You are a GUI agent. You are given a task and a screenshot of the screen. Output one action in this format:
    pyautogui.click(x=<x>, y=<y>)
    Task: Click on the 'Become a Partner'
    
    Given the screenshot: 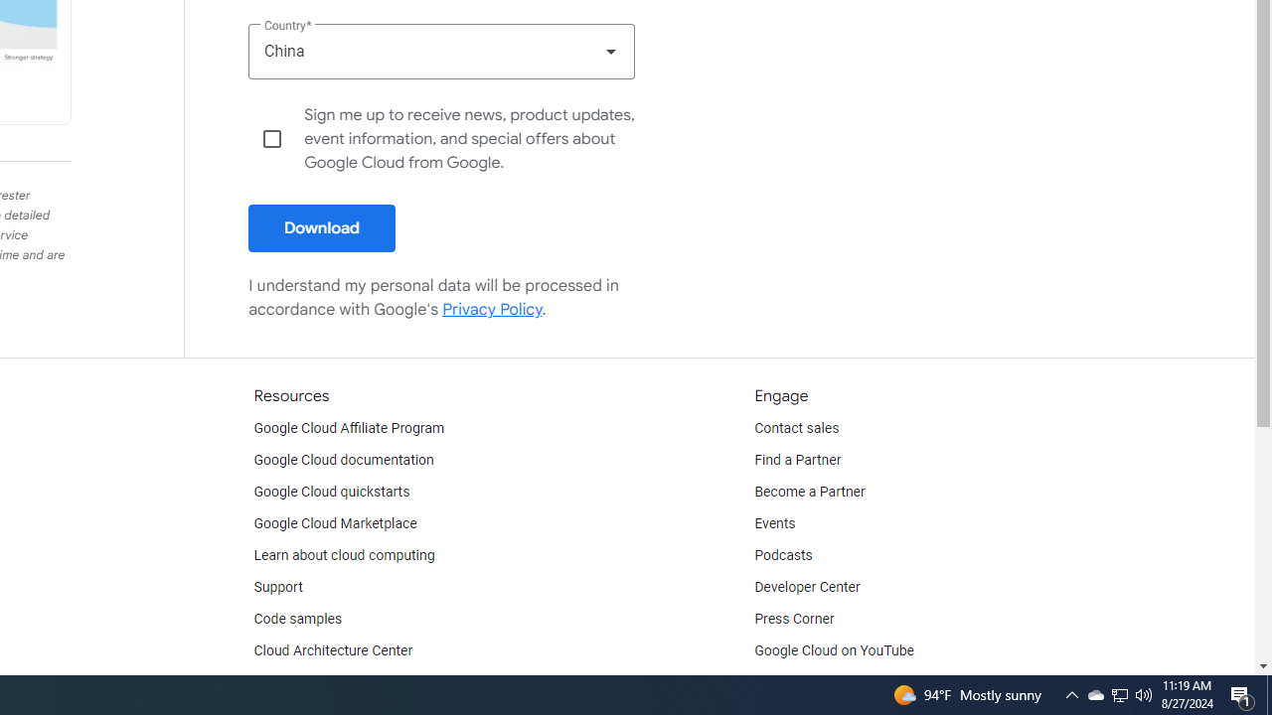 What is the action you would take?
    pyautogui.click(x=809, y=492)
    